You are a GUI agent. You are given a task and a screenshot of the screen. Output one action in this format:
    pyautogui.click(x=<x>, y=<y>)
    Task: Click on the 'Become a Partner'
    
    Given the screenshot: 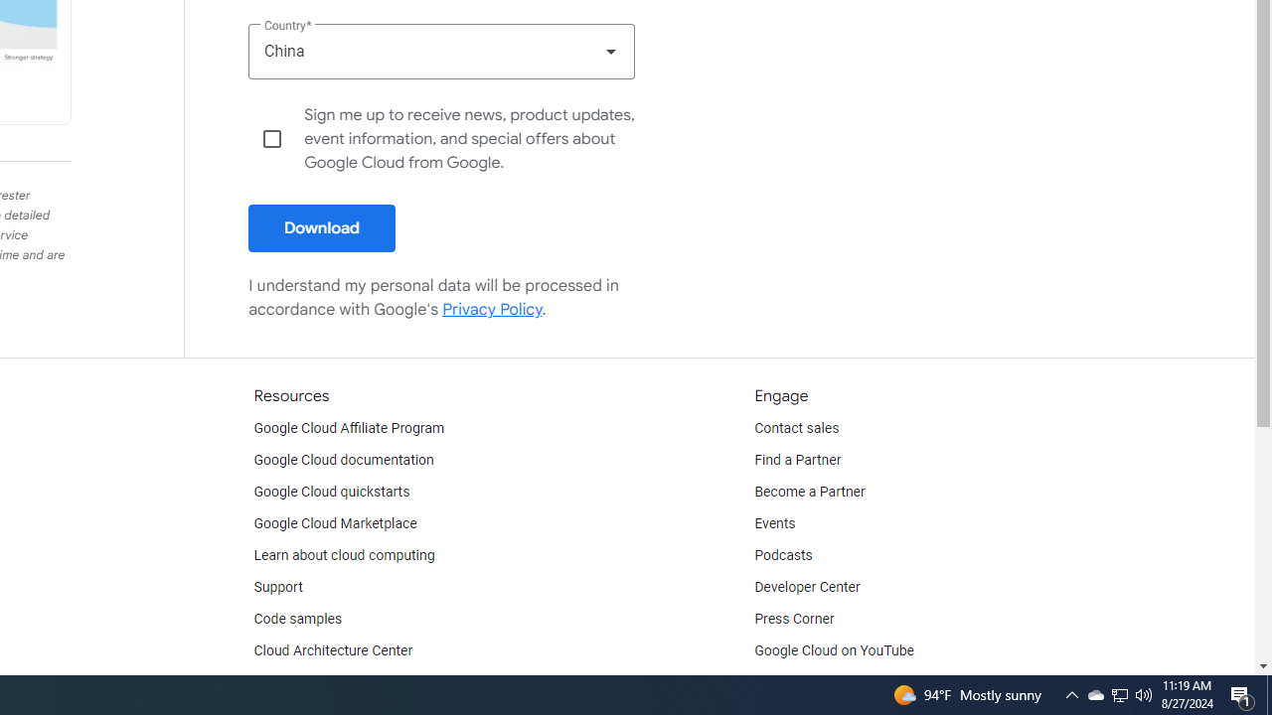 What is the action you would take?
    pyautogui.click(x=809, y=492)
    